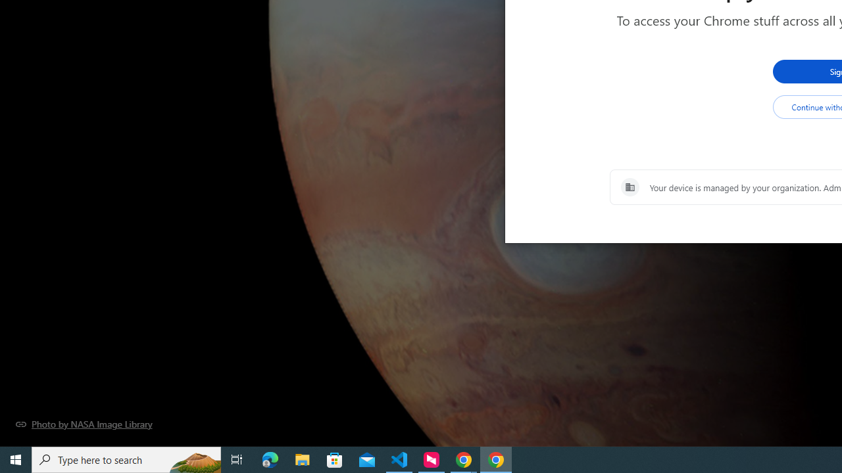 The width and height of the screenshot is (842, 473). I want to click on 'Google Chrome - 1 running window', so click(495, 459).